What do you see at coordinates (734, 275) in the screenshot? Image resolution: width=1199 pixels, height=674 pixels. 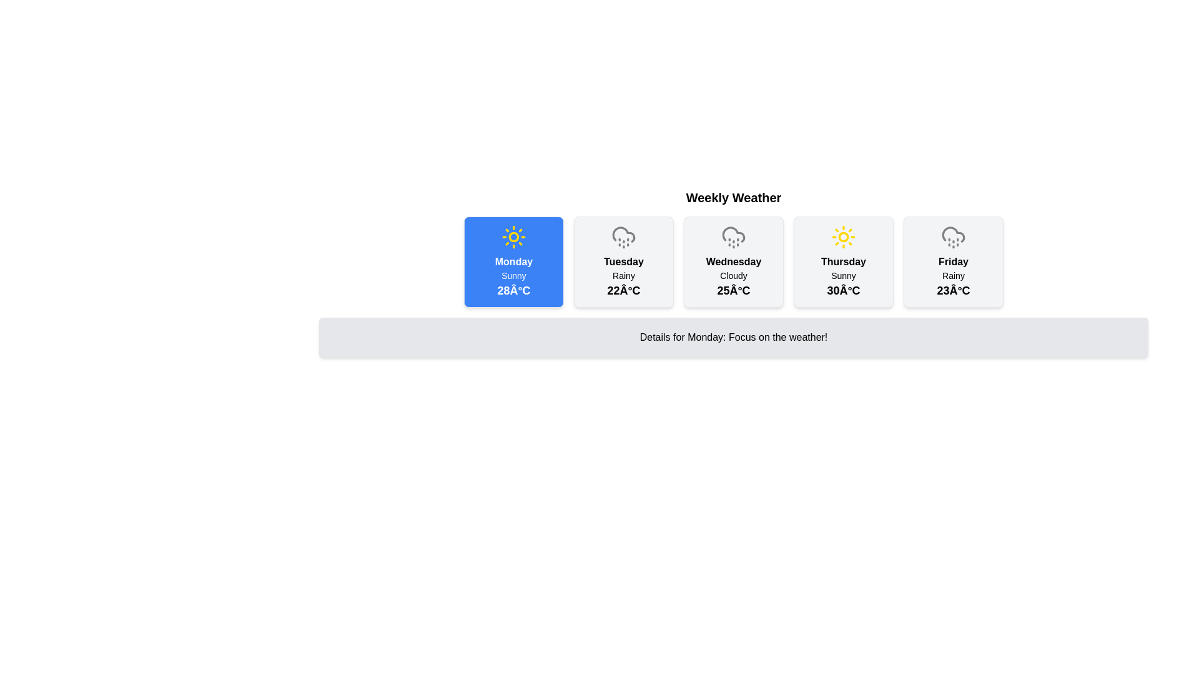 I see `the text label displaying the weather condition 'Cloudy' located within the third weather forecast card for Wednesday, positioned between the day label and the temperature` at bounding box center [734, 275].